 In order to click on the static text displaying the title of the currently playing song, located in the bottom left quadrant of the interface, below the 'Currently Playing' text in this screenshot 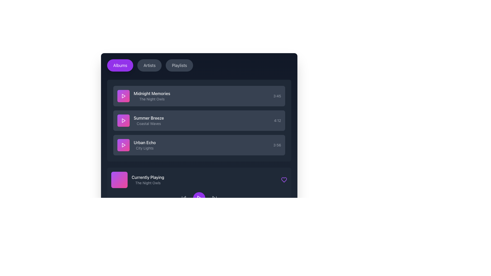, I will do `click(148, 183)`.